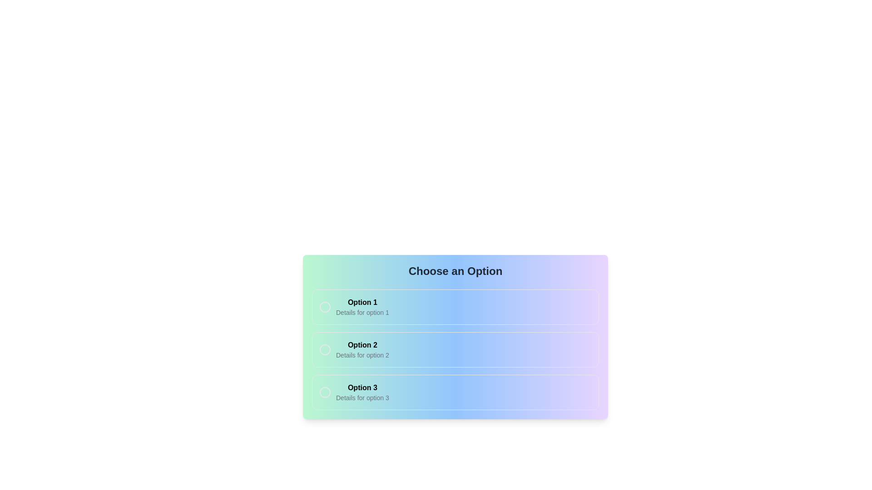 The height and width of the screenshot is (490, 872). Describe the element at coordinates (362, 388) in the screenshot. I see `the bold text label reading 'Option 3', which is positioned as the primary title of the third option in a vertical list` at that location.